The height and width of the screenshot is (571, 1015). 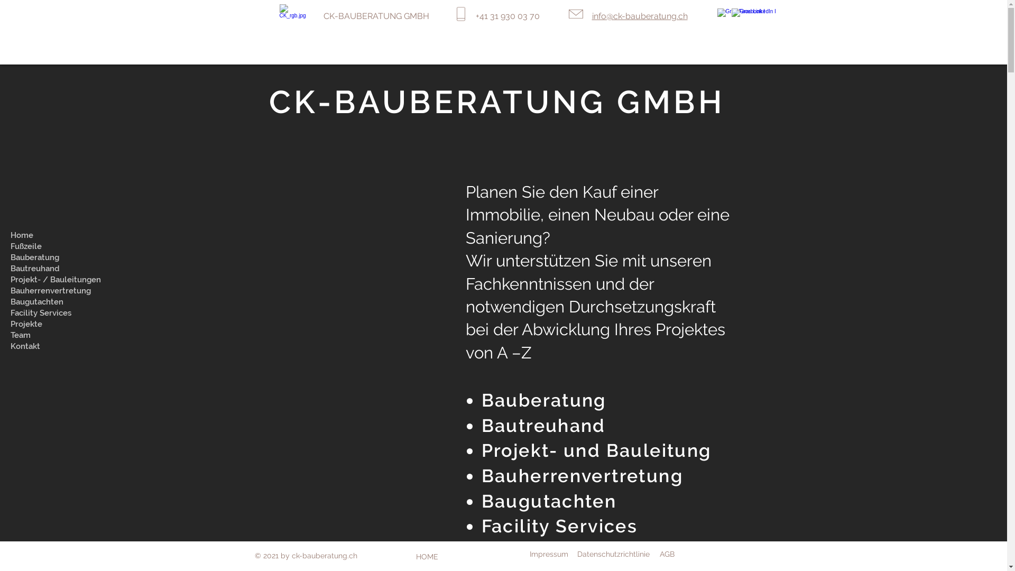 What do you see at coordinates (549, 554) in the screenshot?
I see `'Impressum'` at bounding box center [549, 554].